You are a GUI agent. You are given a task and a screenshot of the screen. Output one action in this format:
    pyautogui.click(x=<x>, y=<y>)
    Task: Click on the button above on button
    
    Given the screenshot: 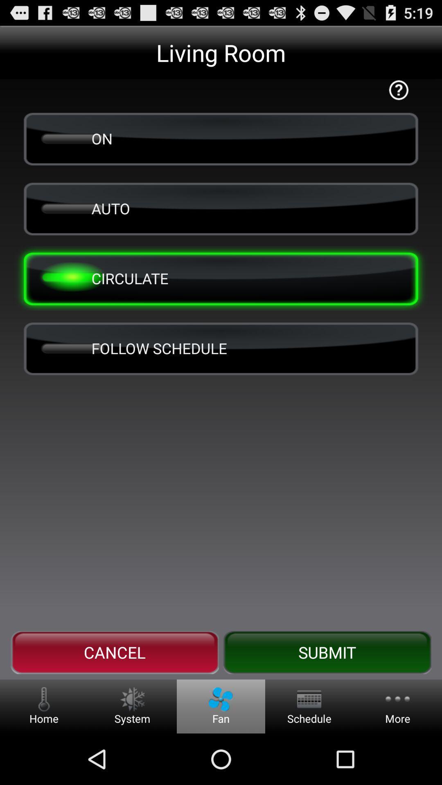 What is the action you would take?
    pyautogui.click(x=399, y=90)
    